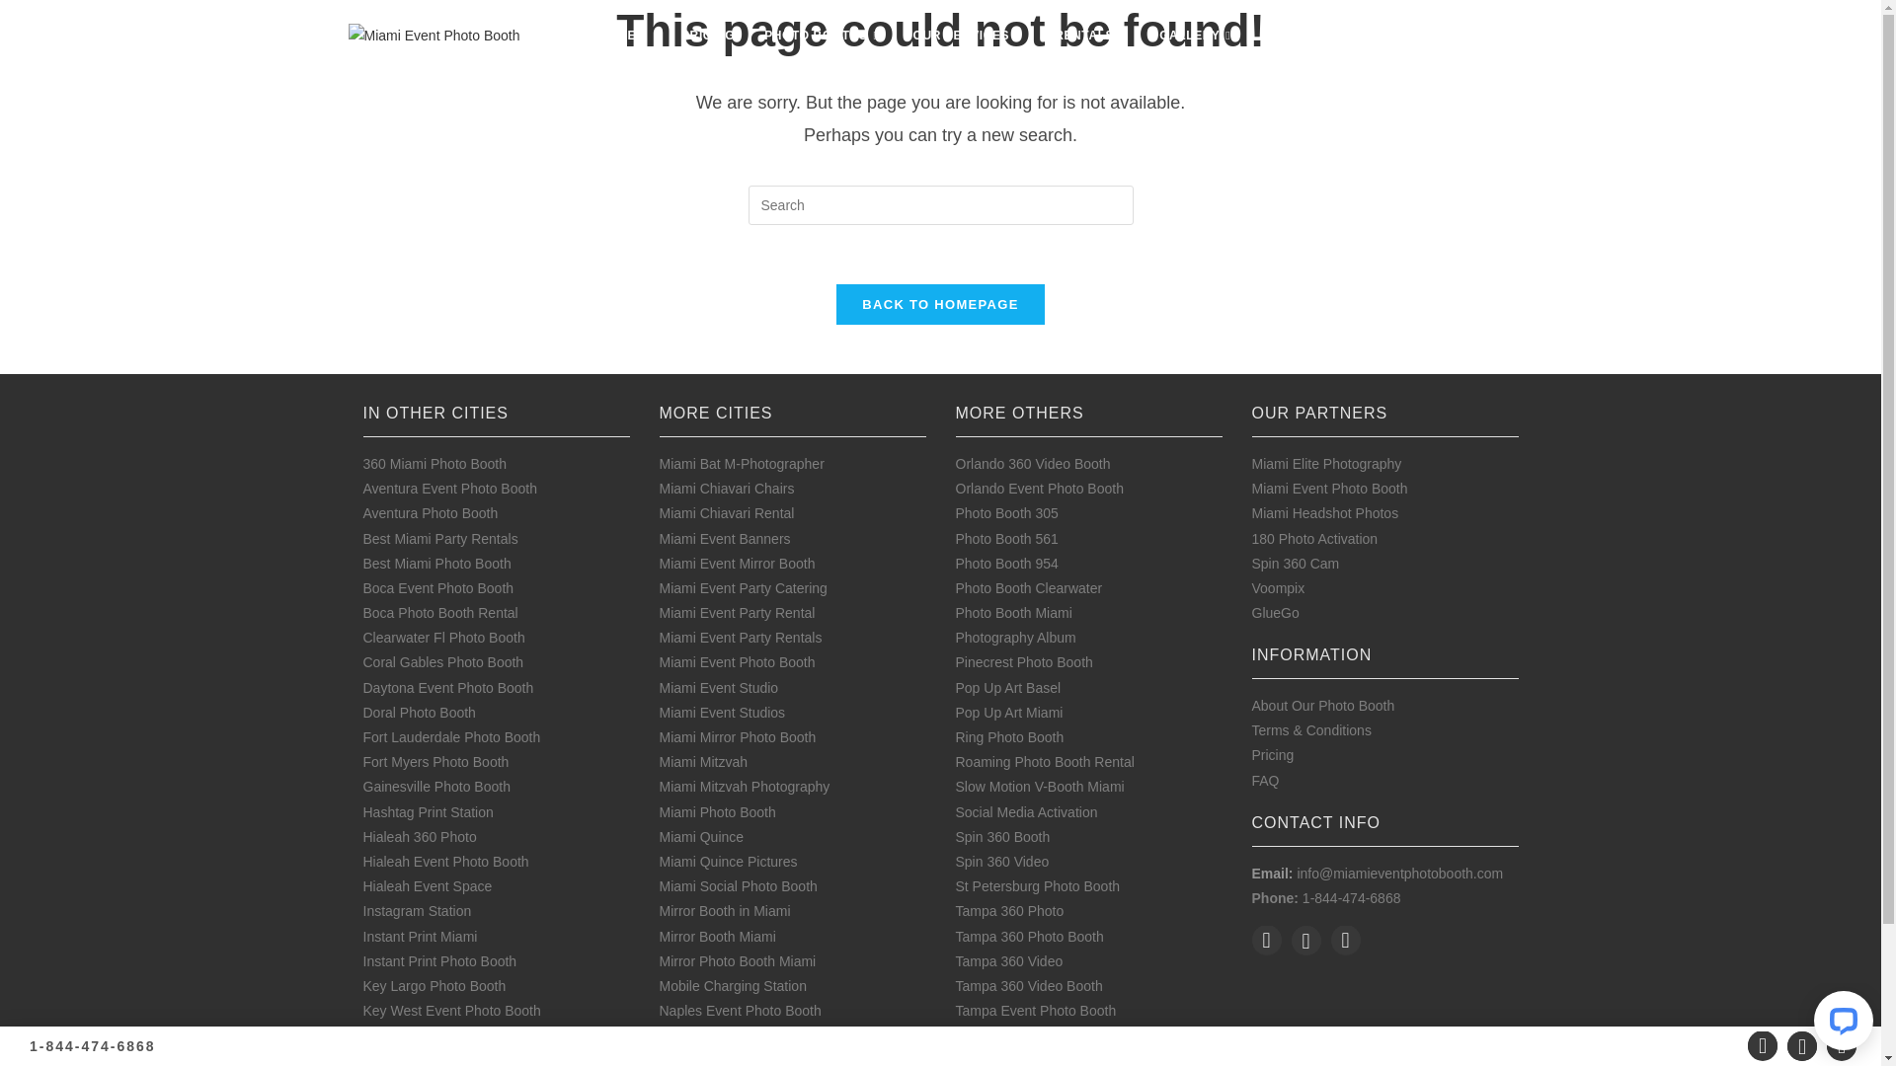  What do you see at coordinates (741, 464) in the screenshot?
I see `'Miami Bat M-Photographer'` at bounding box center [741, 464].